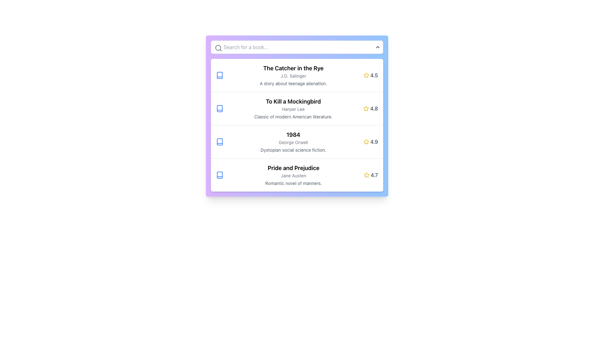 This screenshot has height=342, width=608. I want to click on the star-shaped yellow rating icon located to the right of the numeric rating value '4.8' in the second book entry, so click(366, 108).